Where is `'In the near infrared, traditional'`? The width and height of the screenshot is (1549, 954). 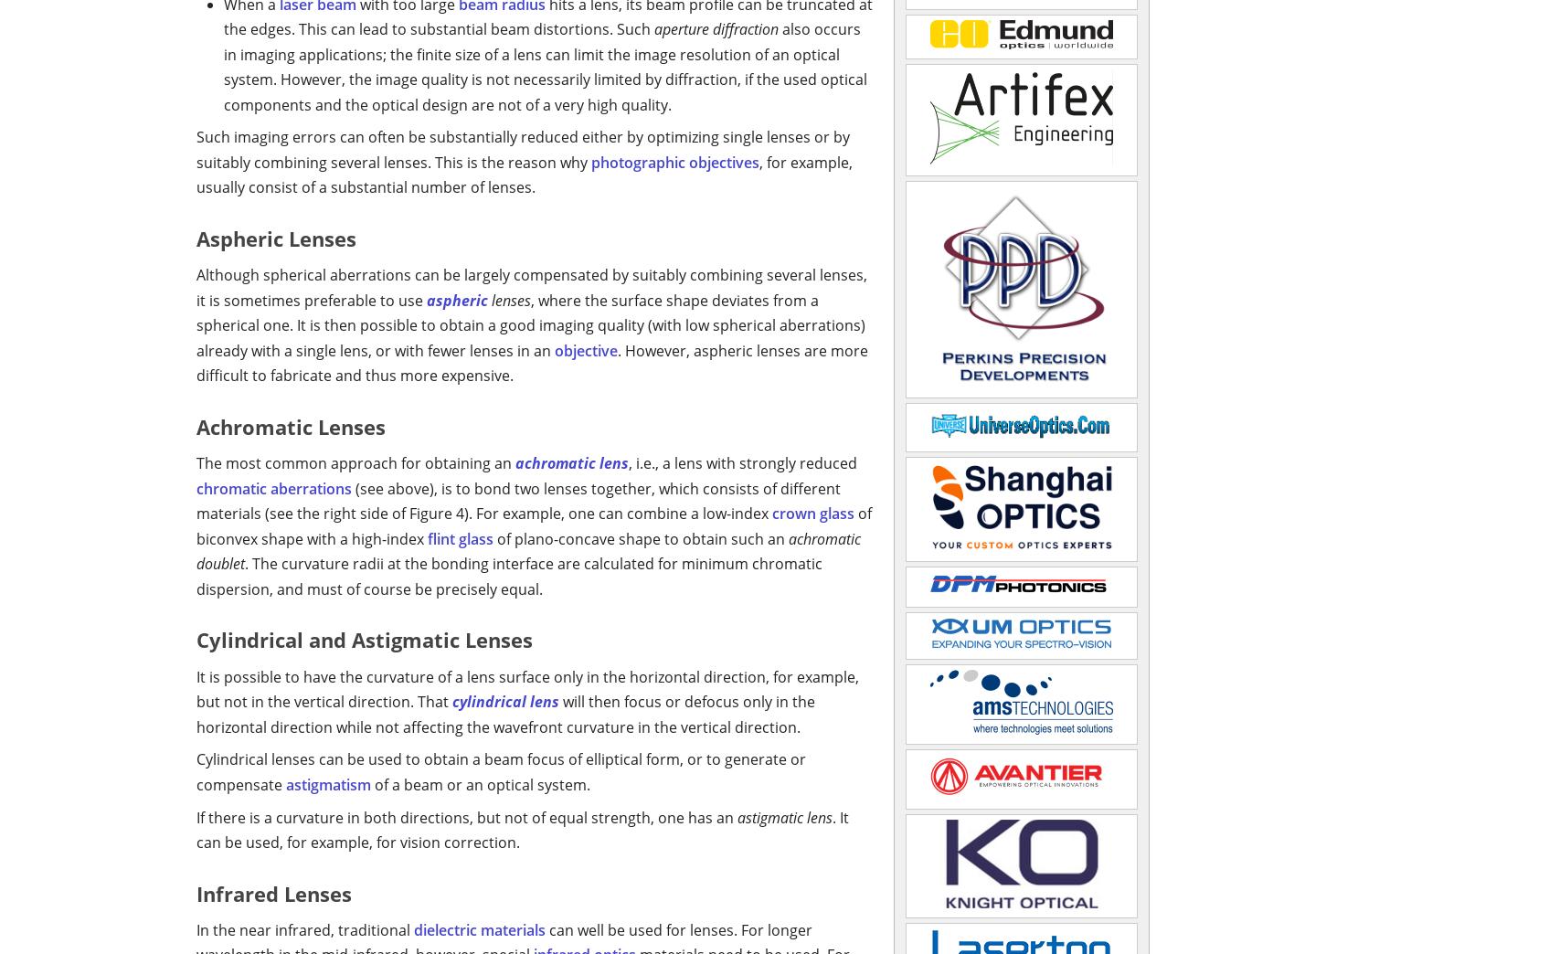 'In the near infrared, traditional' is located at coordinates (304, 928).